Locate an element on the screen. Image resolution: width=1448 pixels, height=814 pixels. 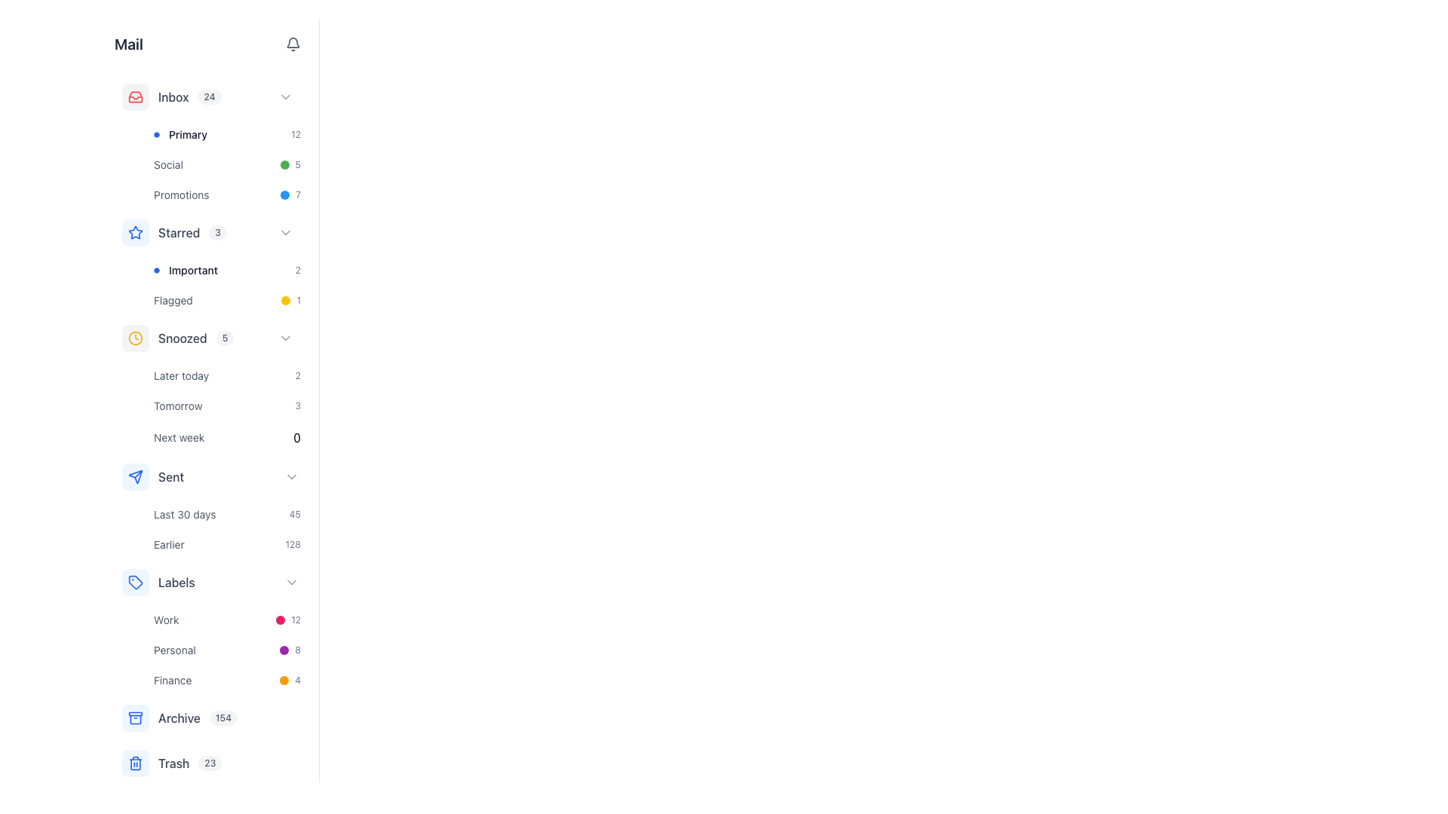
the numerical label displaying the number '8' next to a purple circular indicator, located in the 'Labels' section under the 'Personal' subcategory is located at coordinates (290, 650).